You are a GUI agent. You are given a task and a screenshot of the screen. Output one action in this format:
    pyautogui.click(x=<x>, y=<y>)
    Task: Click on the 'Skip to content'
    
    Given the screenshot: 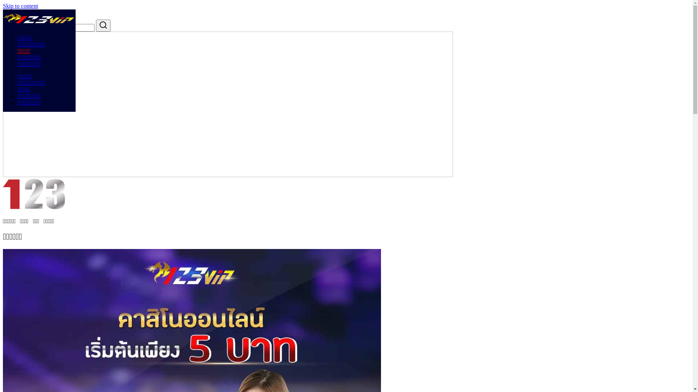 What is the action you would take?
    pyautogui.click(x=3, y=6)
    